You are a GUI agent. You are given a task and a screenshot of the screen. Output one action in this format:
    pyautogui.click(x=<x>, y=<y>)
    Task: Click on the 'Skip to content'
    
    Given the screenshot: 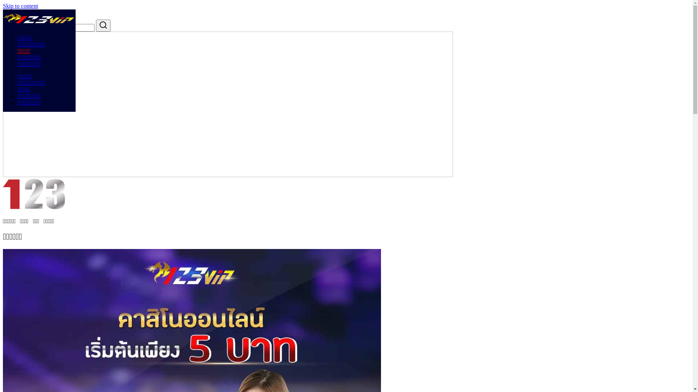 What is the action you would take?
    pyautogui.click(x=3, y=6)
    